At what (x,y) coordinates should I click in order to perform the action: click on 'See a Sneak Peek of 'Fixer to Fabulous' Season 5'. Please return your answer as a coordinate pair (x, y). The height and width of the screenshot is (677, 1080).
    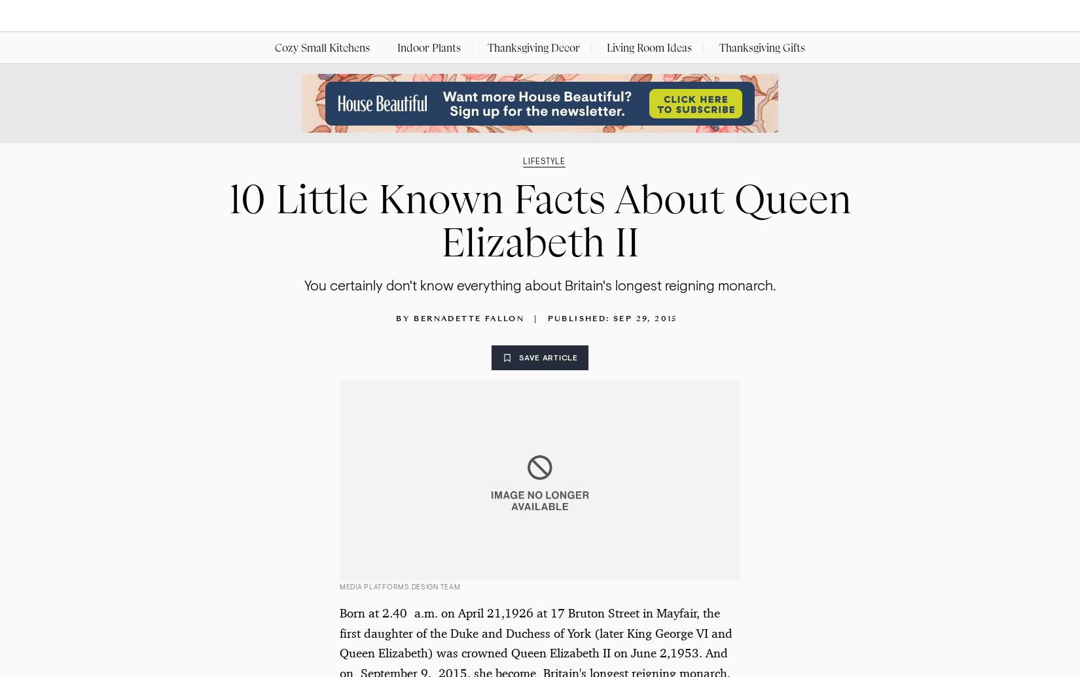
    Looking at the image, I should click on (245, 638).